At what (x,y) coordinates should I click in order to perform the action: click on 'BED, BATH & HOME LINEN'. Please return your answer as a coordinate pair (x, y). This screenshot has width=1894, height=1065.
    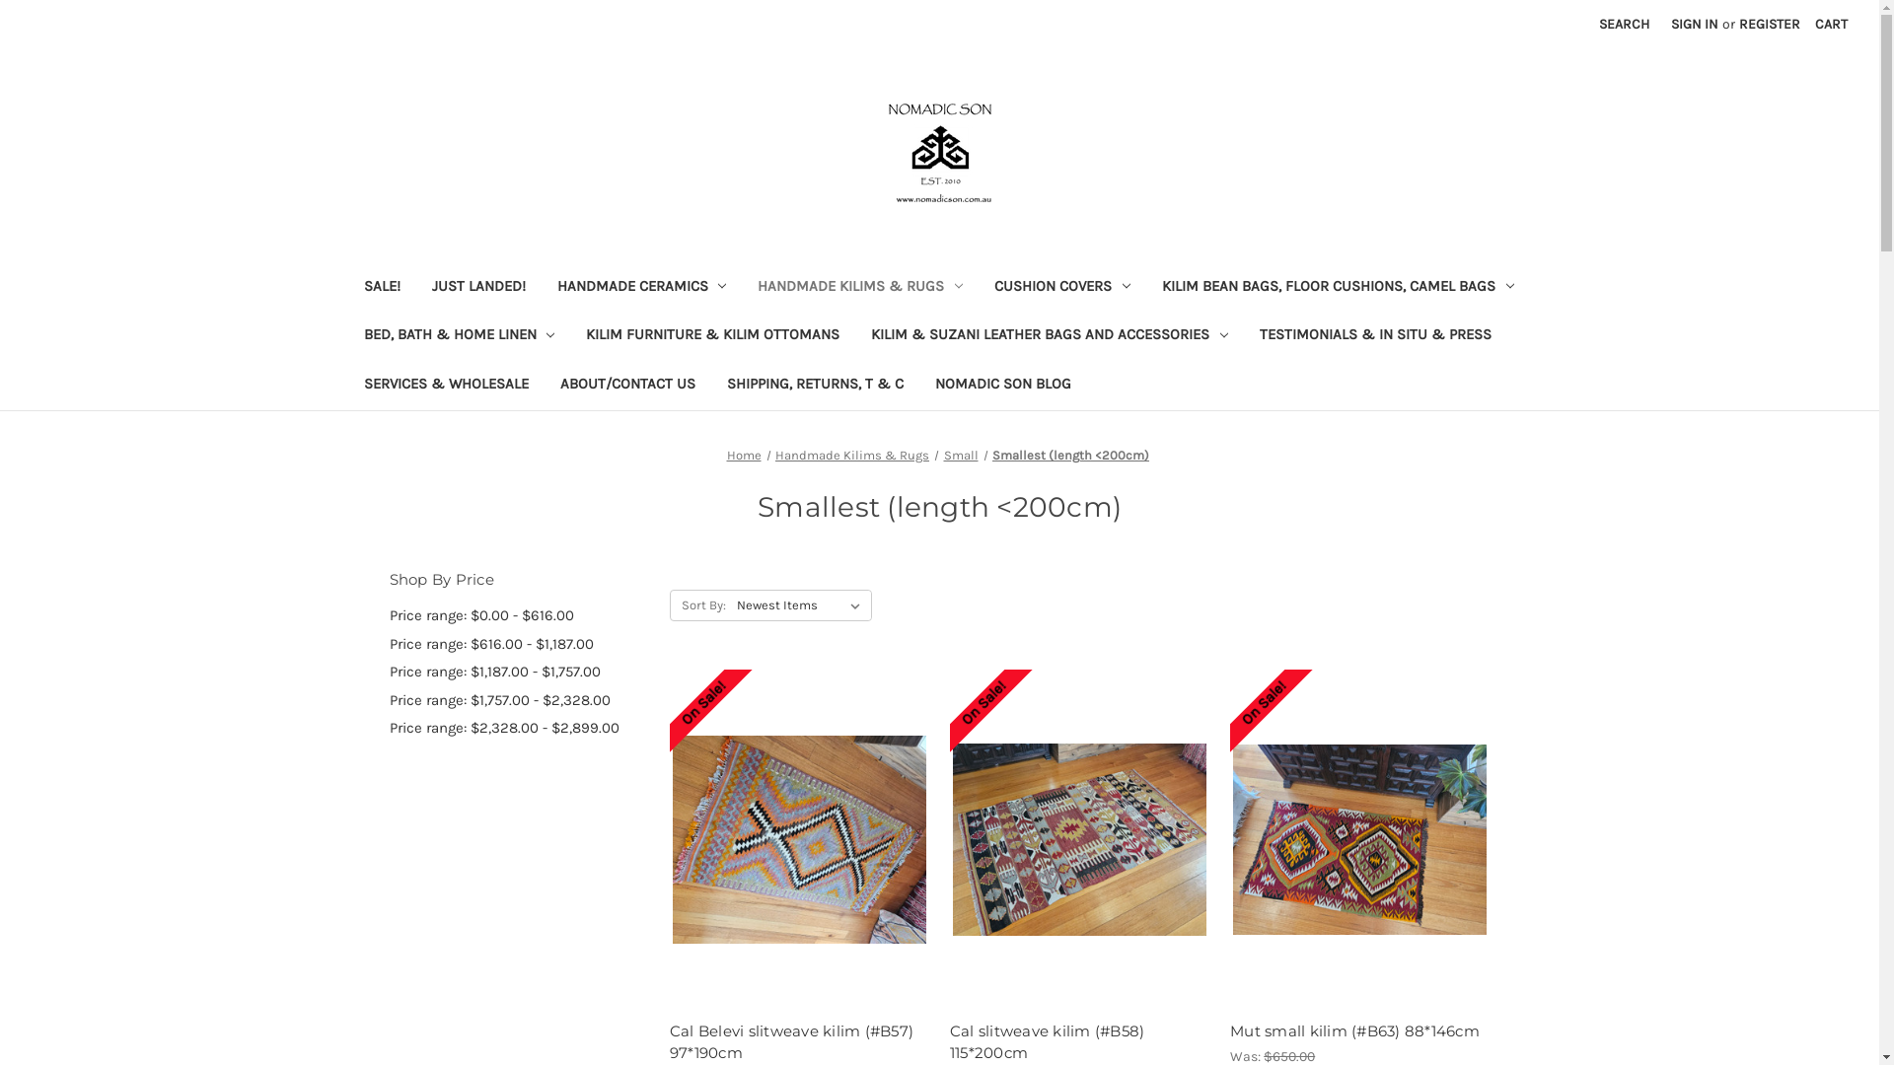
    Looking at the image, I should click on (458, 335).